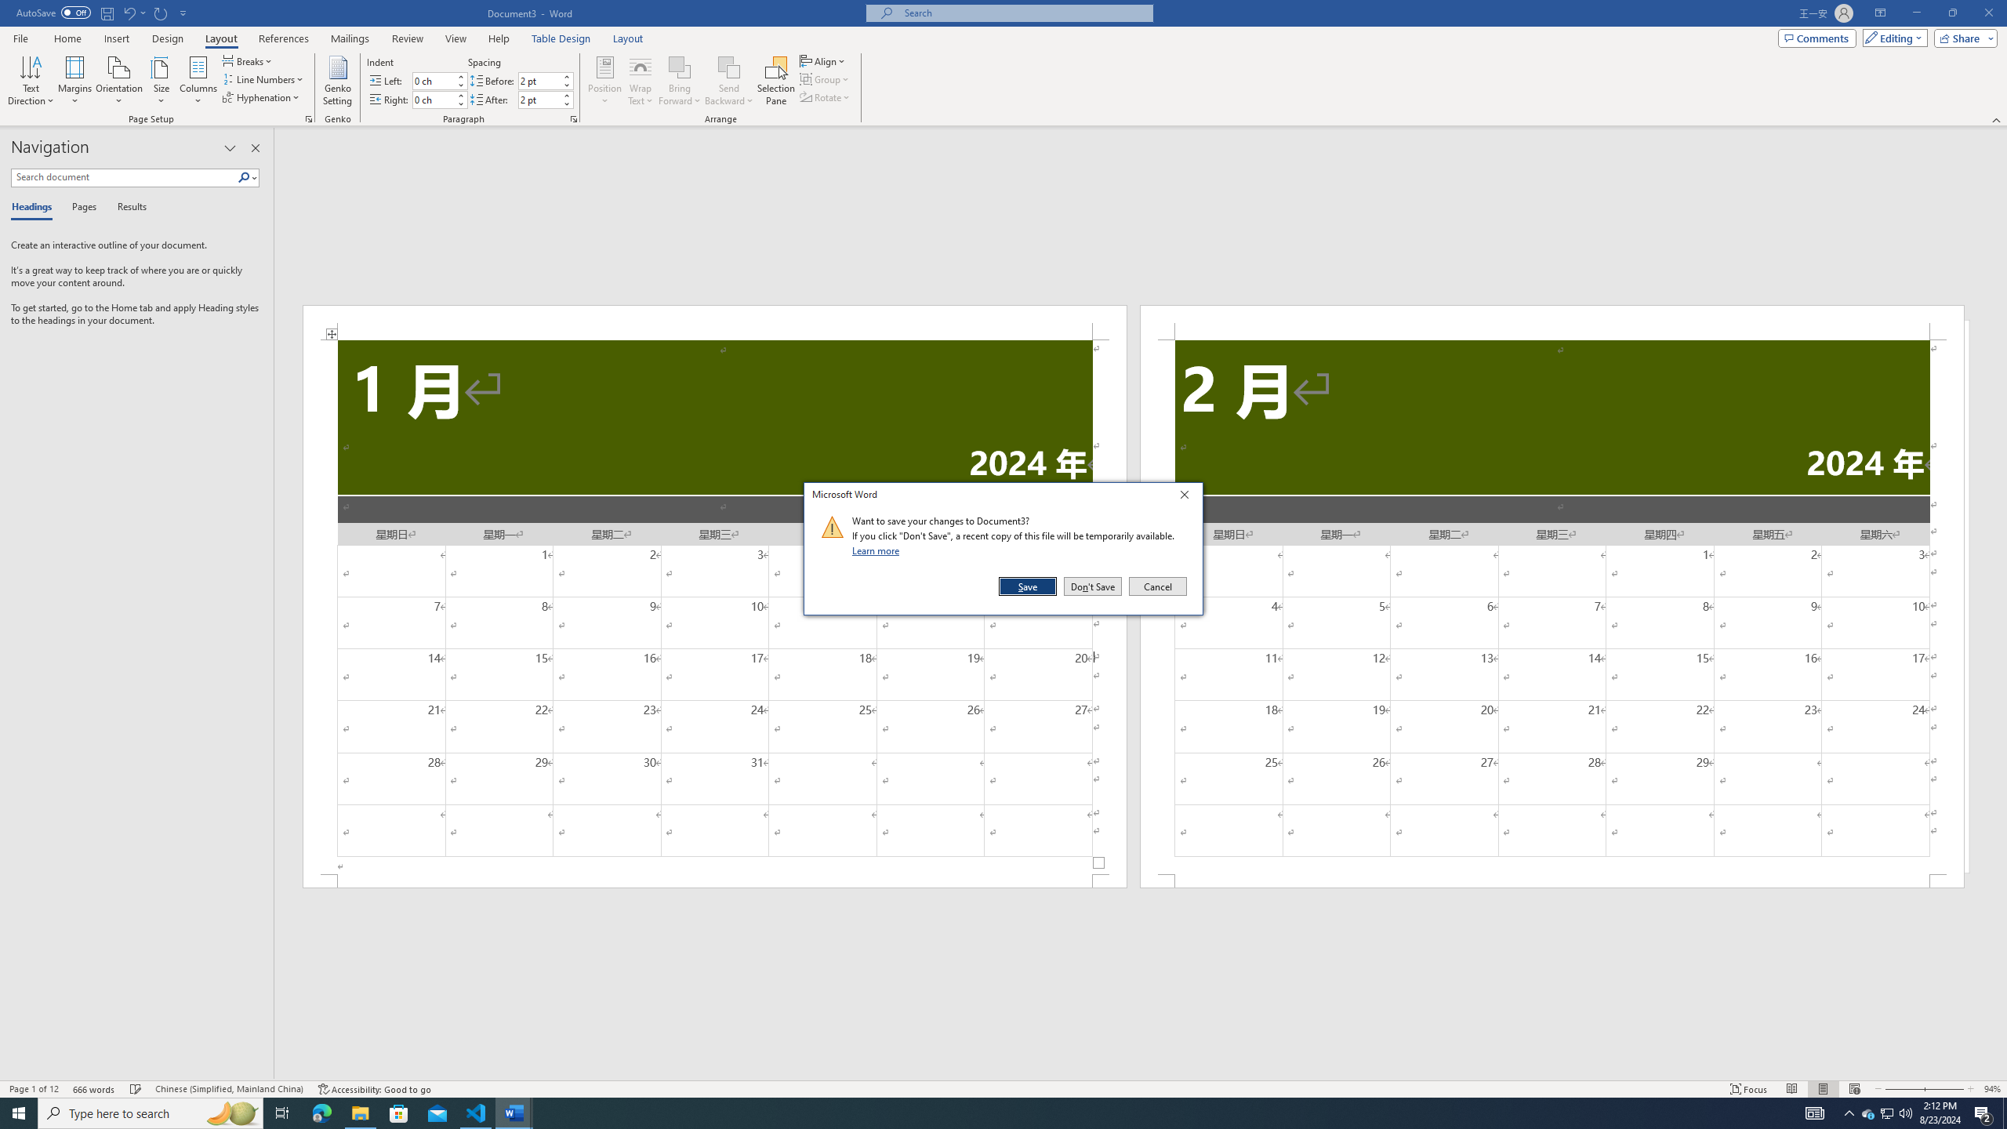 The image size is (2007, 1129). Describe the element at coordinates (161, 81) in the screenshot. I see `'Size'` at that location.